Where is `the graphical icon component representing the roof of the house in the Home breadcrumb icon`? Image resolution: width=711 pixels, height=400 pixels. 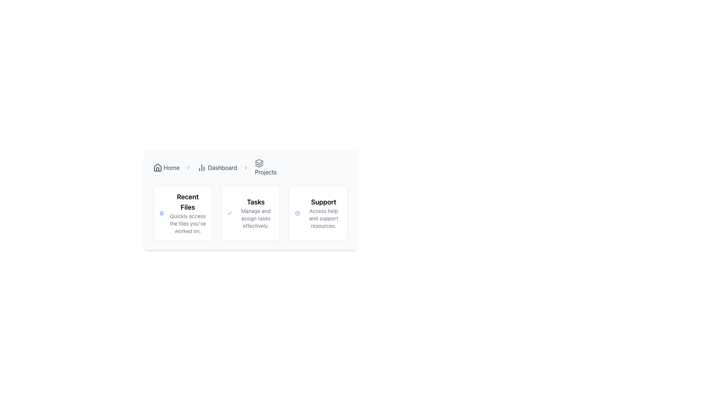
the graphical icon component representing the roof of the house in the Home breadcrumb icon is located at coordinates (157, 167).